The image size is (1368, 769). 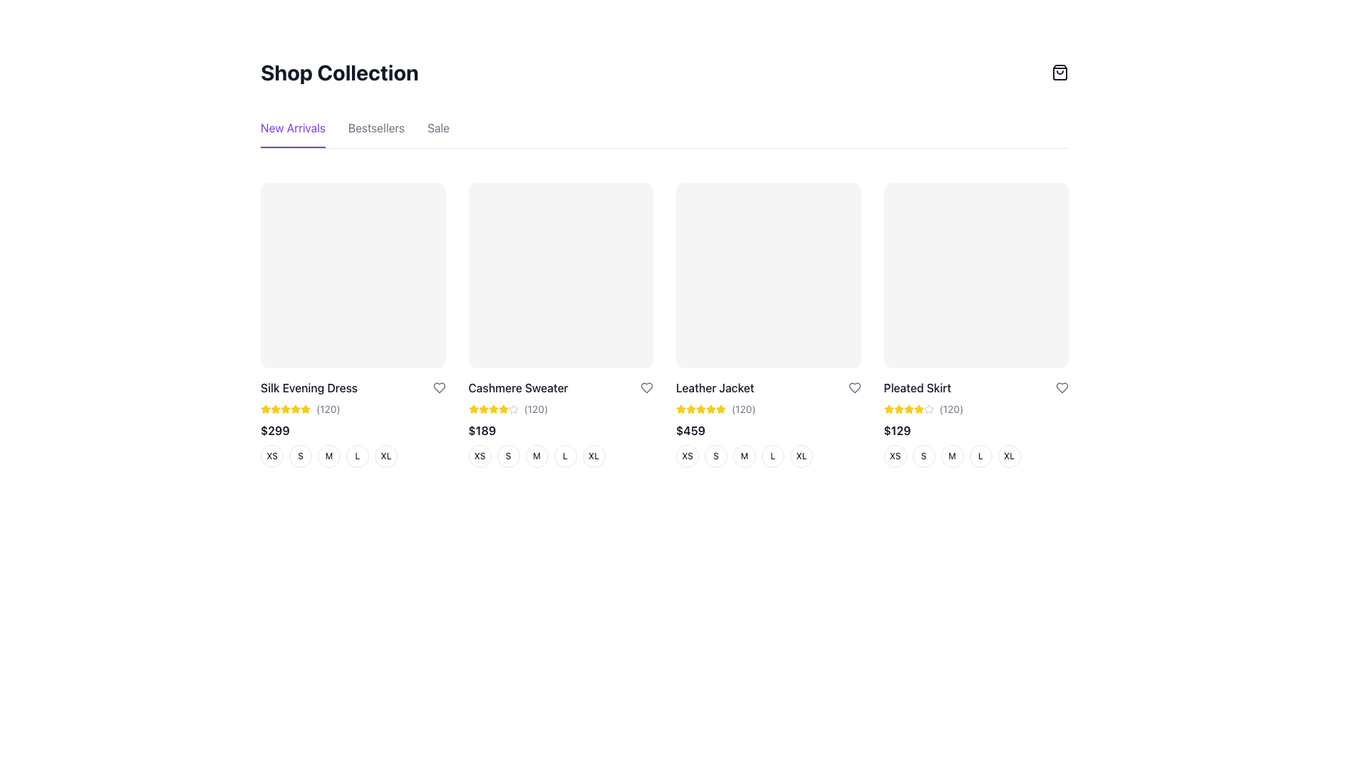 What do you see at coordinates (923, 456) in the screenshot?
I see `the 'S' size selection button located below the 'Pleated Skirt' item` at bounding box center [923, 456].